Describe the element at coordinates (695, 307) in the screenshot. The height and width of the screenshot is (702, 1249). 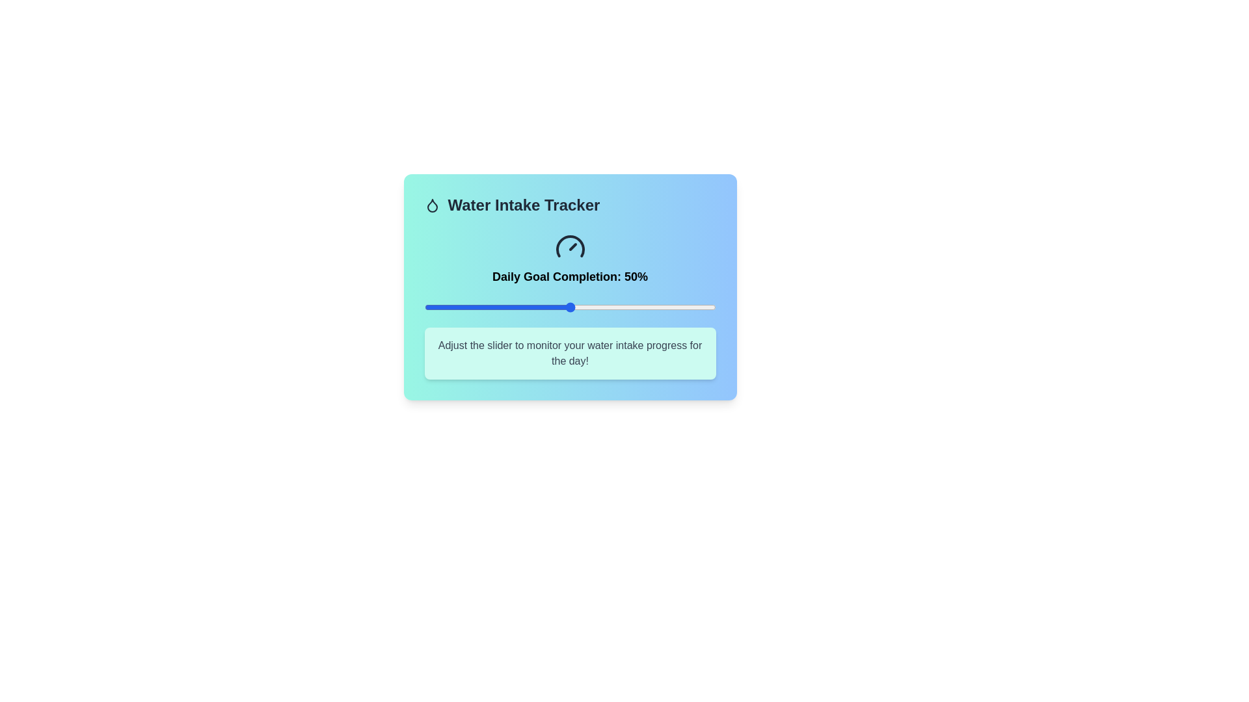
I see `the slider to set the goal completion percentage to 93` at that location.